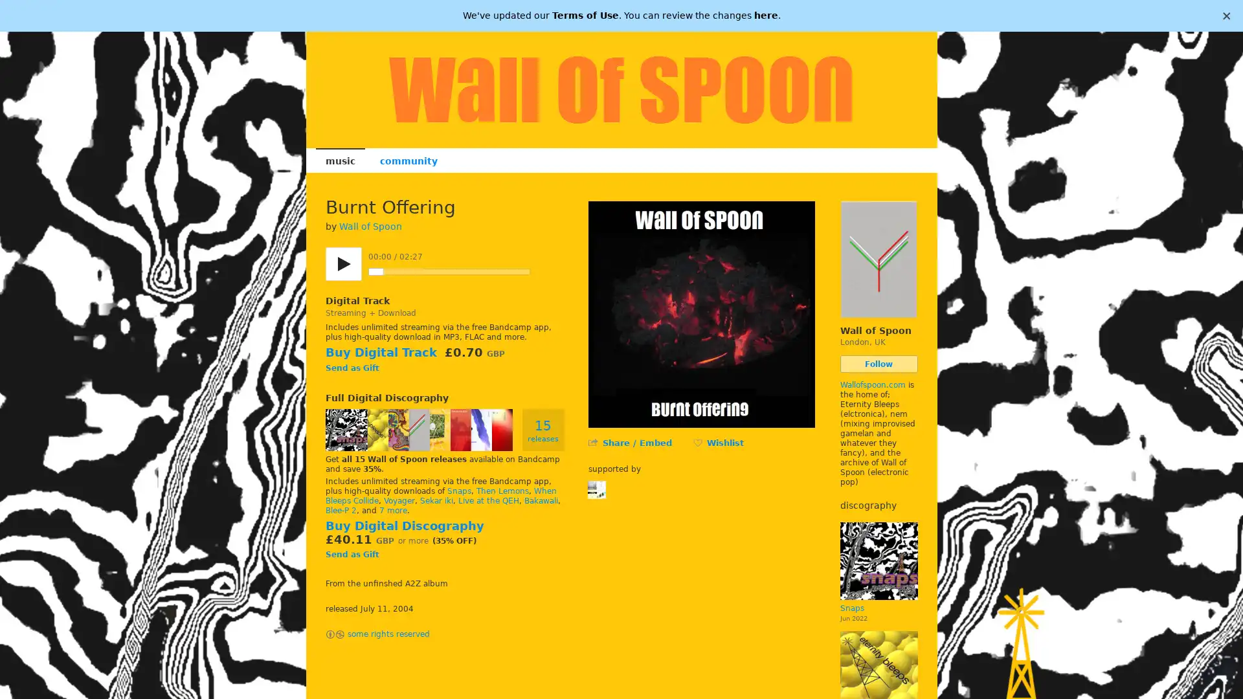 The width and height of the screenshot is (1243, 699). I want to click on Follow, so click(879, 364).